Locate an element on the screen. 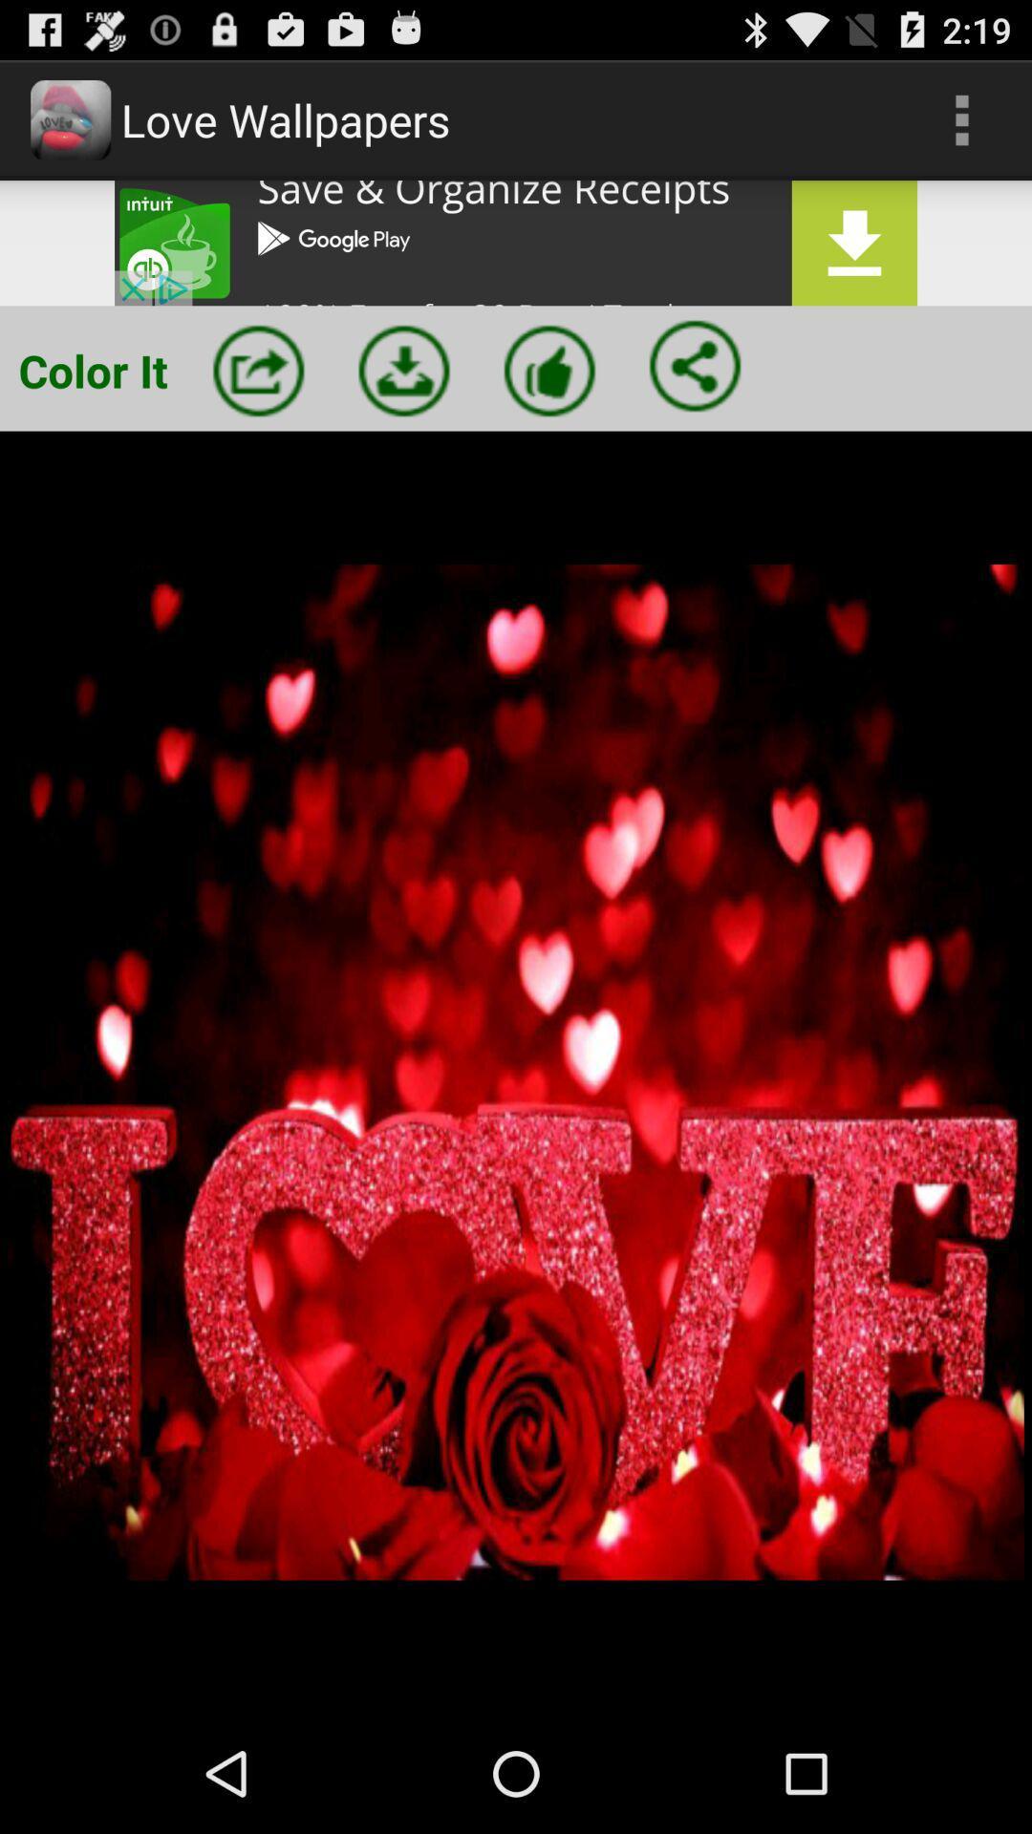 The height and width of the screenshot is (1834, 1032). the file_download icon is located at coordinates (403, 395).